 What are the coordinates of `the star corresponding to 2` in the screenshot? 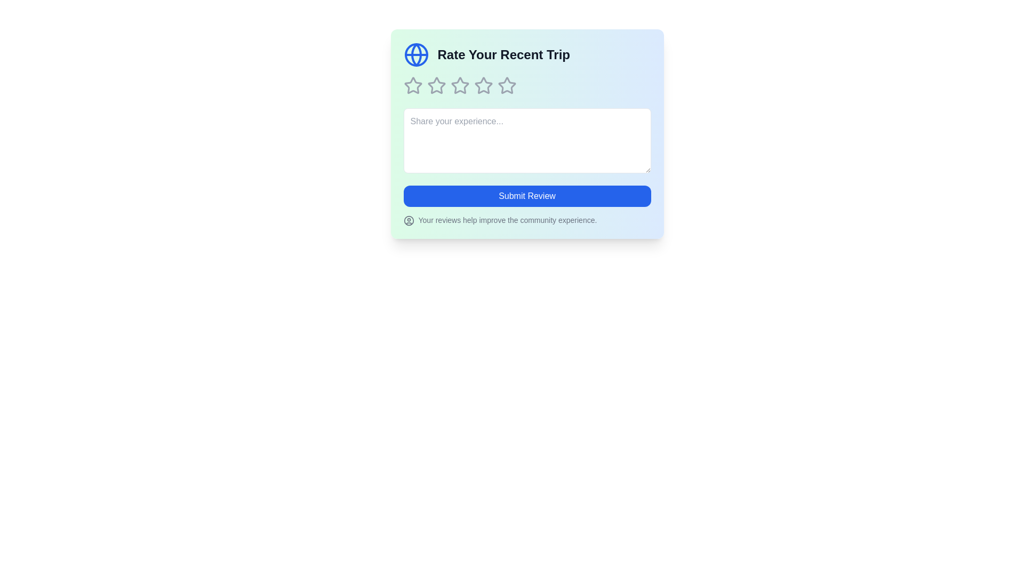 It's located at (436, 85).